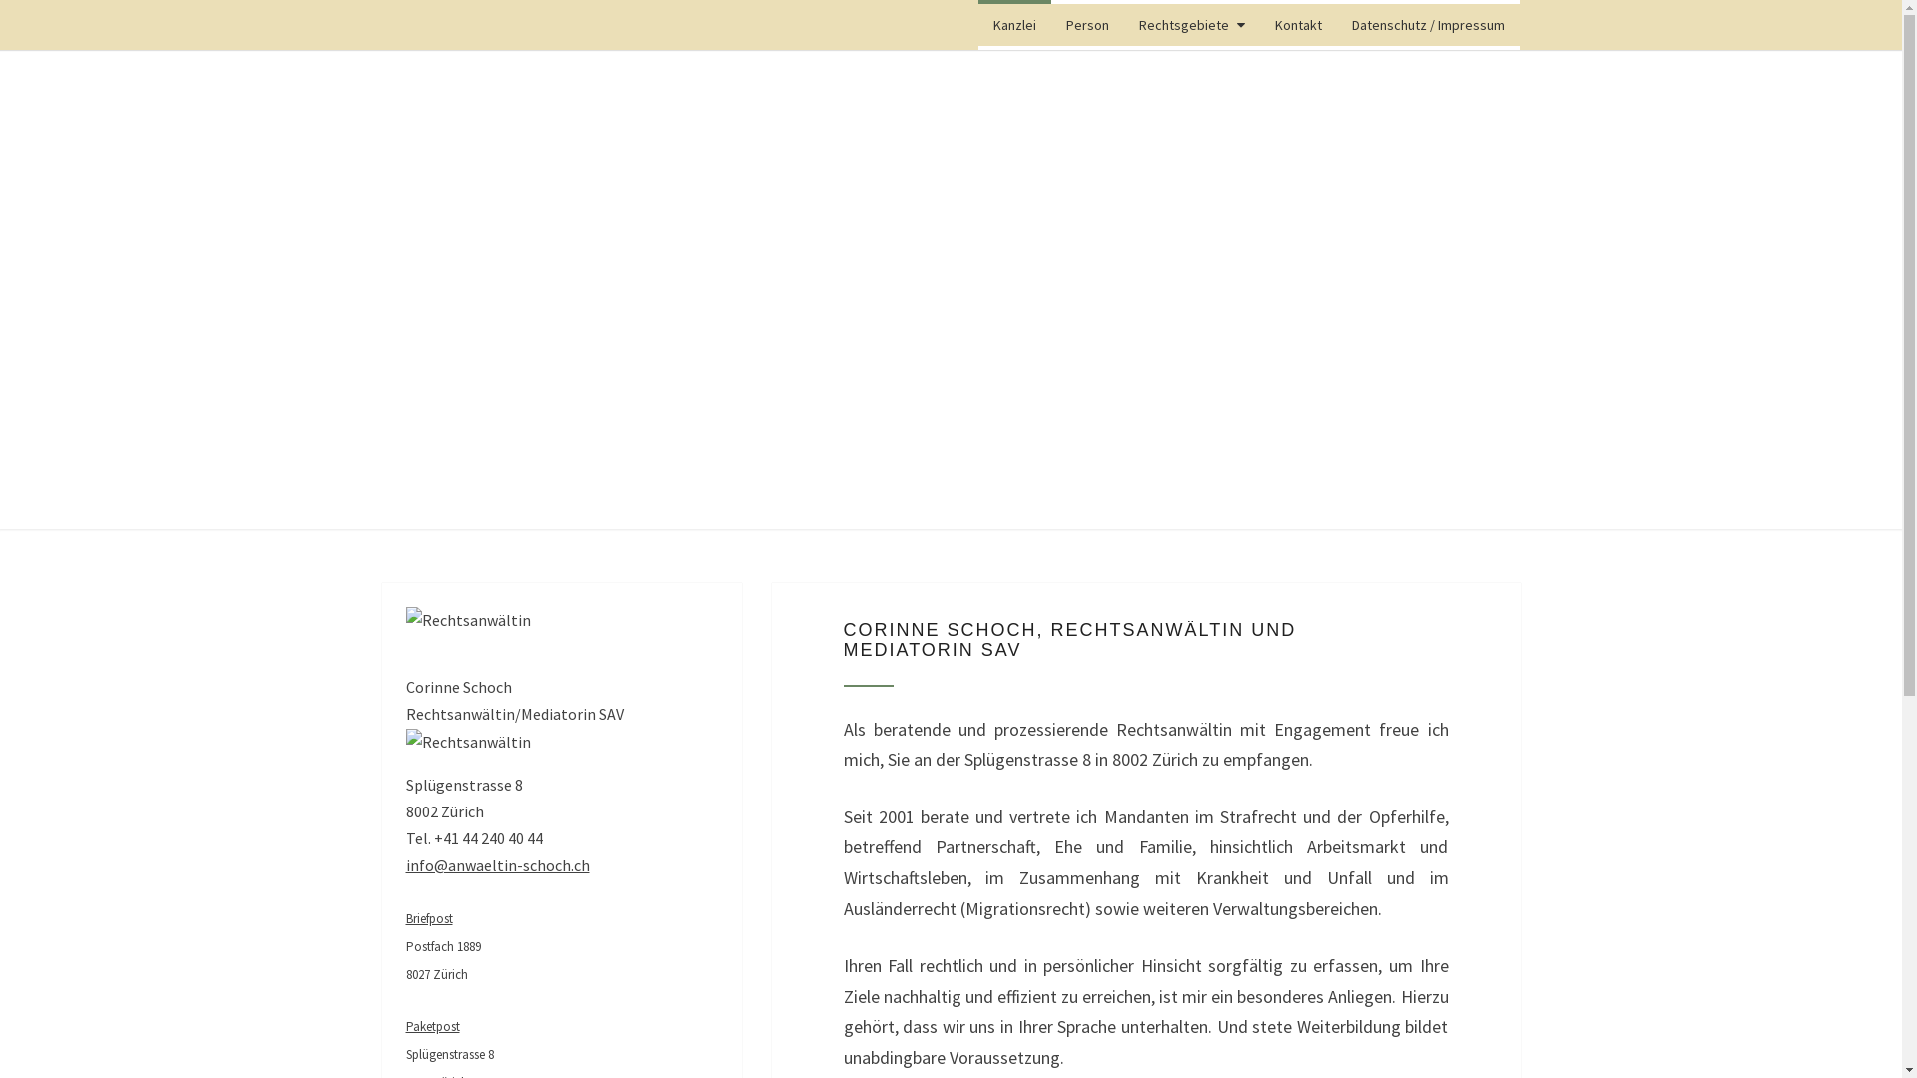  Describe the element at coordinates (1298, 24) in the screenshot. I see `'Kontakt'` at that location.